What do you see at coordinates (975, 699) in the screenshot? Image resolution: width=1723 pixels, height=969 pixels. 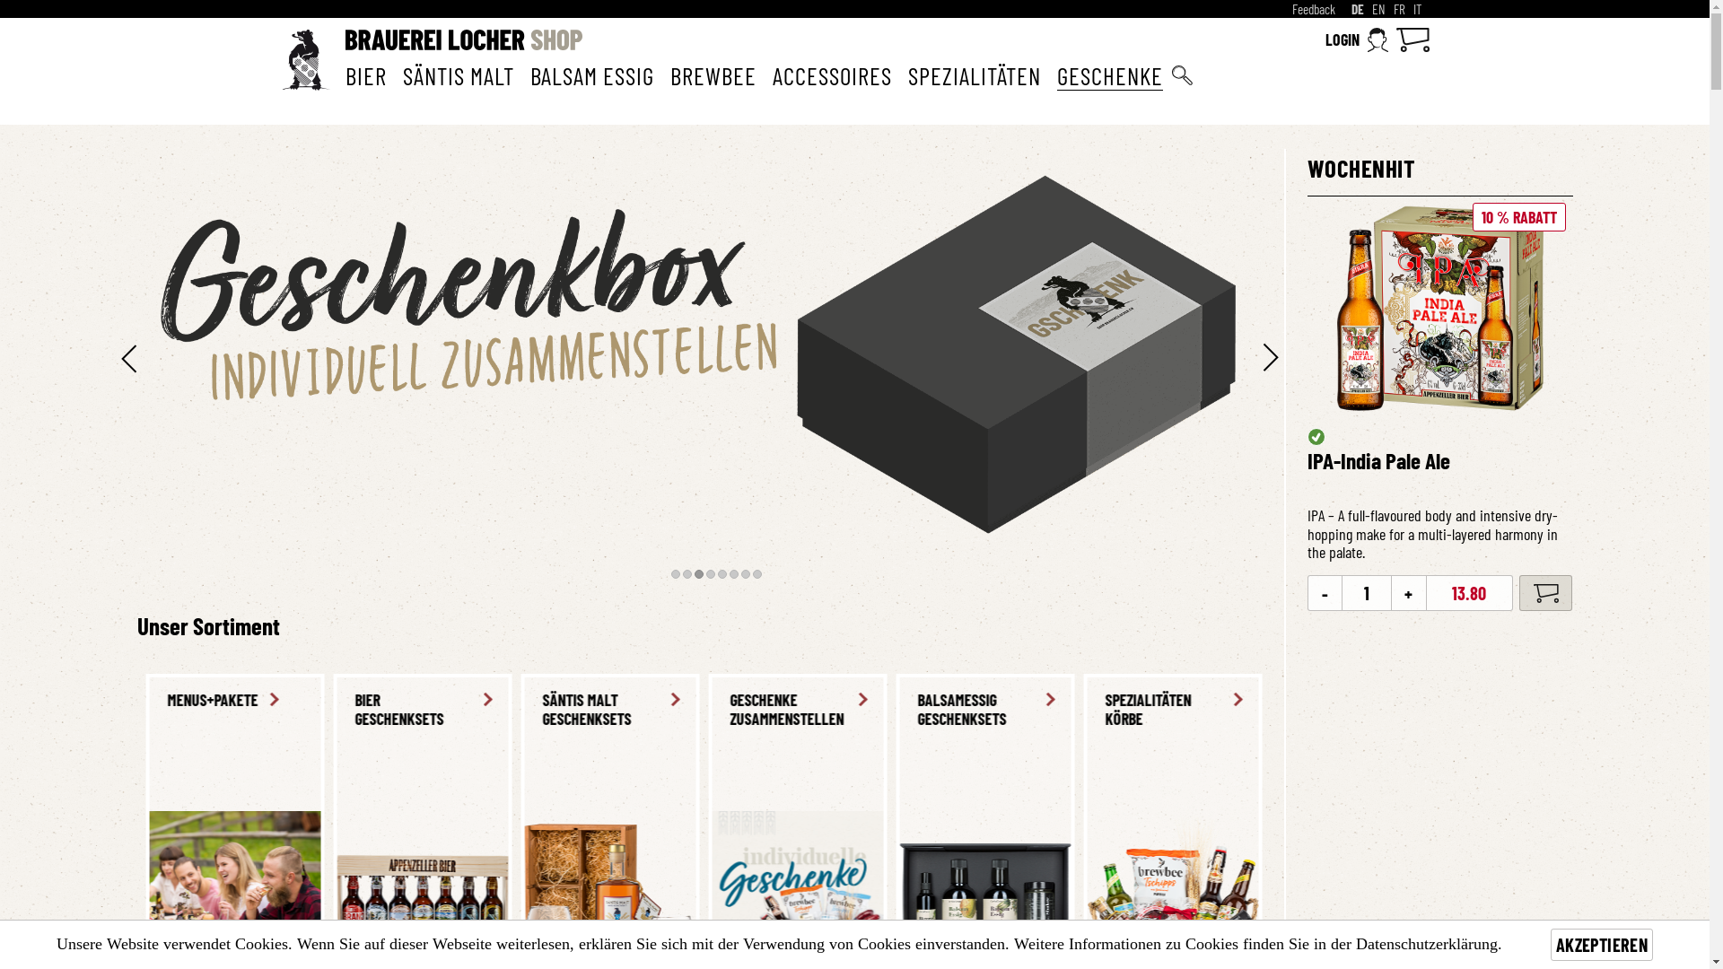 I see `'TEXTILIEN'` at bounding box center [975, 699].